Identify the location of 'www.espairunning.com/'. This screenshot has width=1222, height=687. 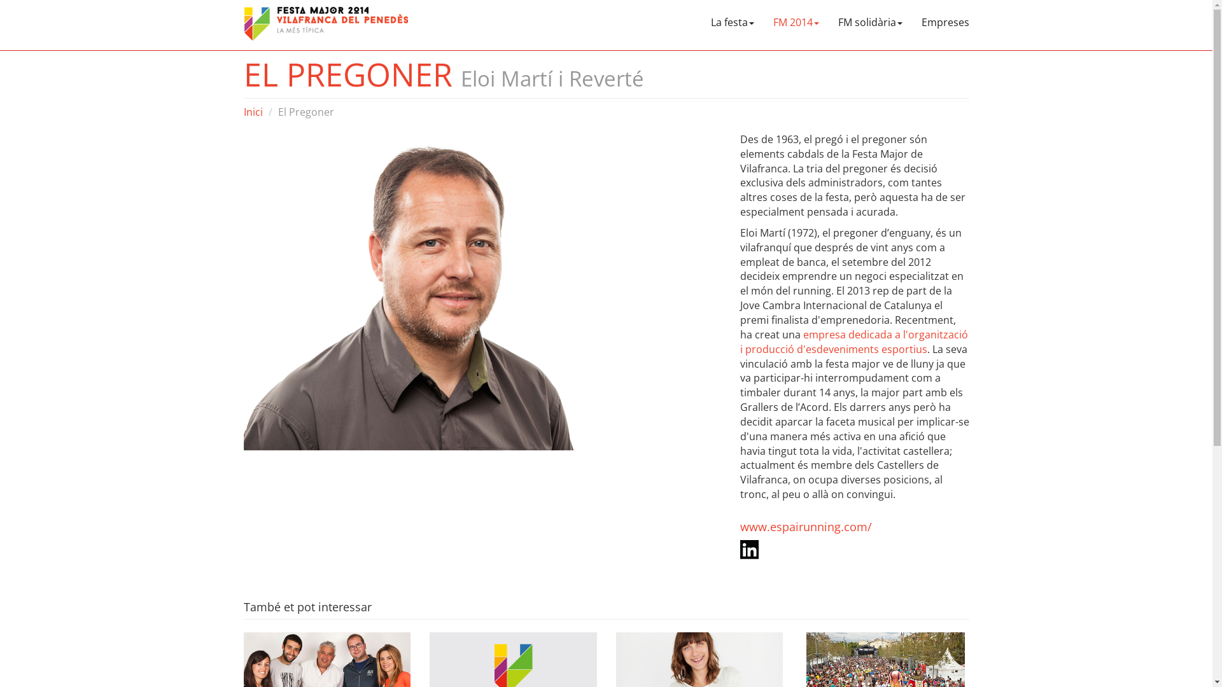
(739, 527).